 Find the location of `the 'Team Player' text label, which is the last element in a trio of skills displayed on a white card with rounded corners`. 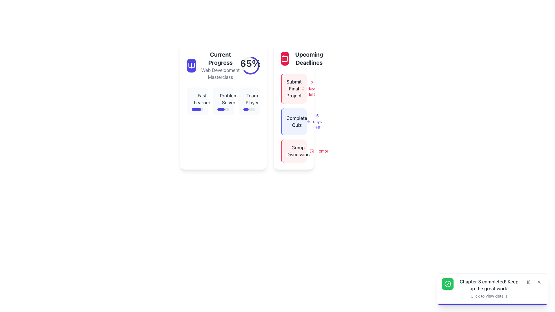

the 'Team Player' text label, which is the last element in a trio of skills displayed on a white card with rounded corners is located at coordinates (249, 99).